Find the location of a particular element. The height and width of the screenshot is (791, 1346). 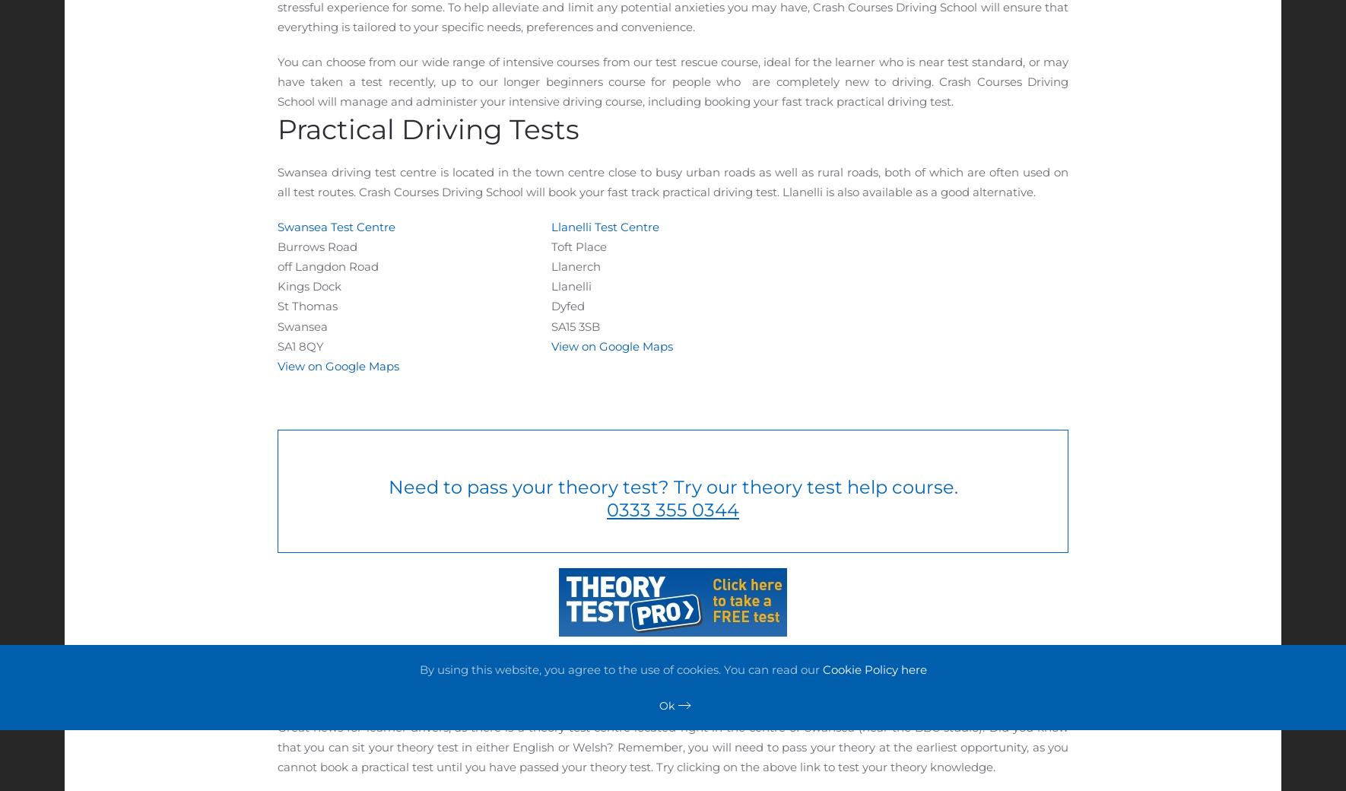

'Kings Dock' is located at coordinates (310, 285).